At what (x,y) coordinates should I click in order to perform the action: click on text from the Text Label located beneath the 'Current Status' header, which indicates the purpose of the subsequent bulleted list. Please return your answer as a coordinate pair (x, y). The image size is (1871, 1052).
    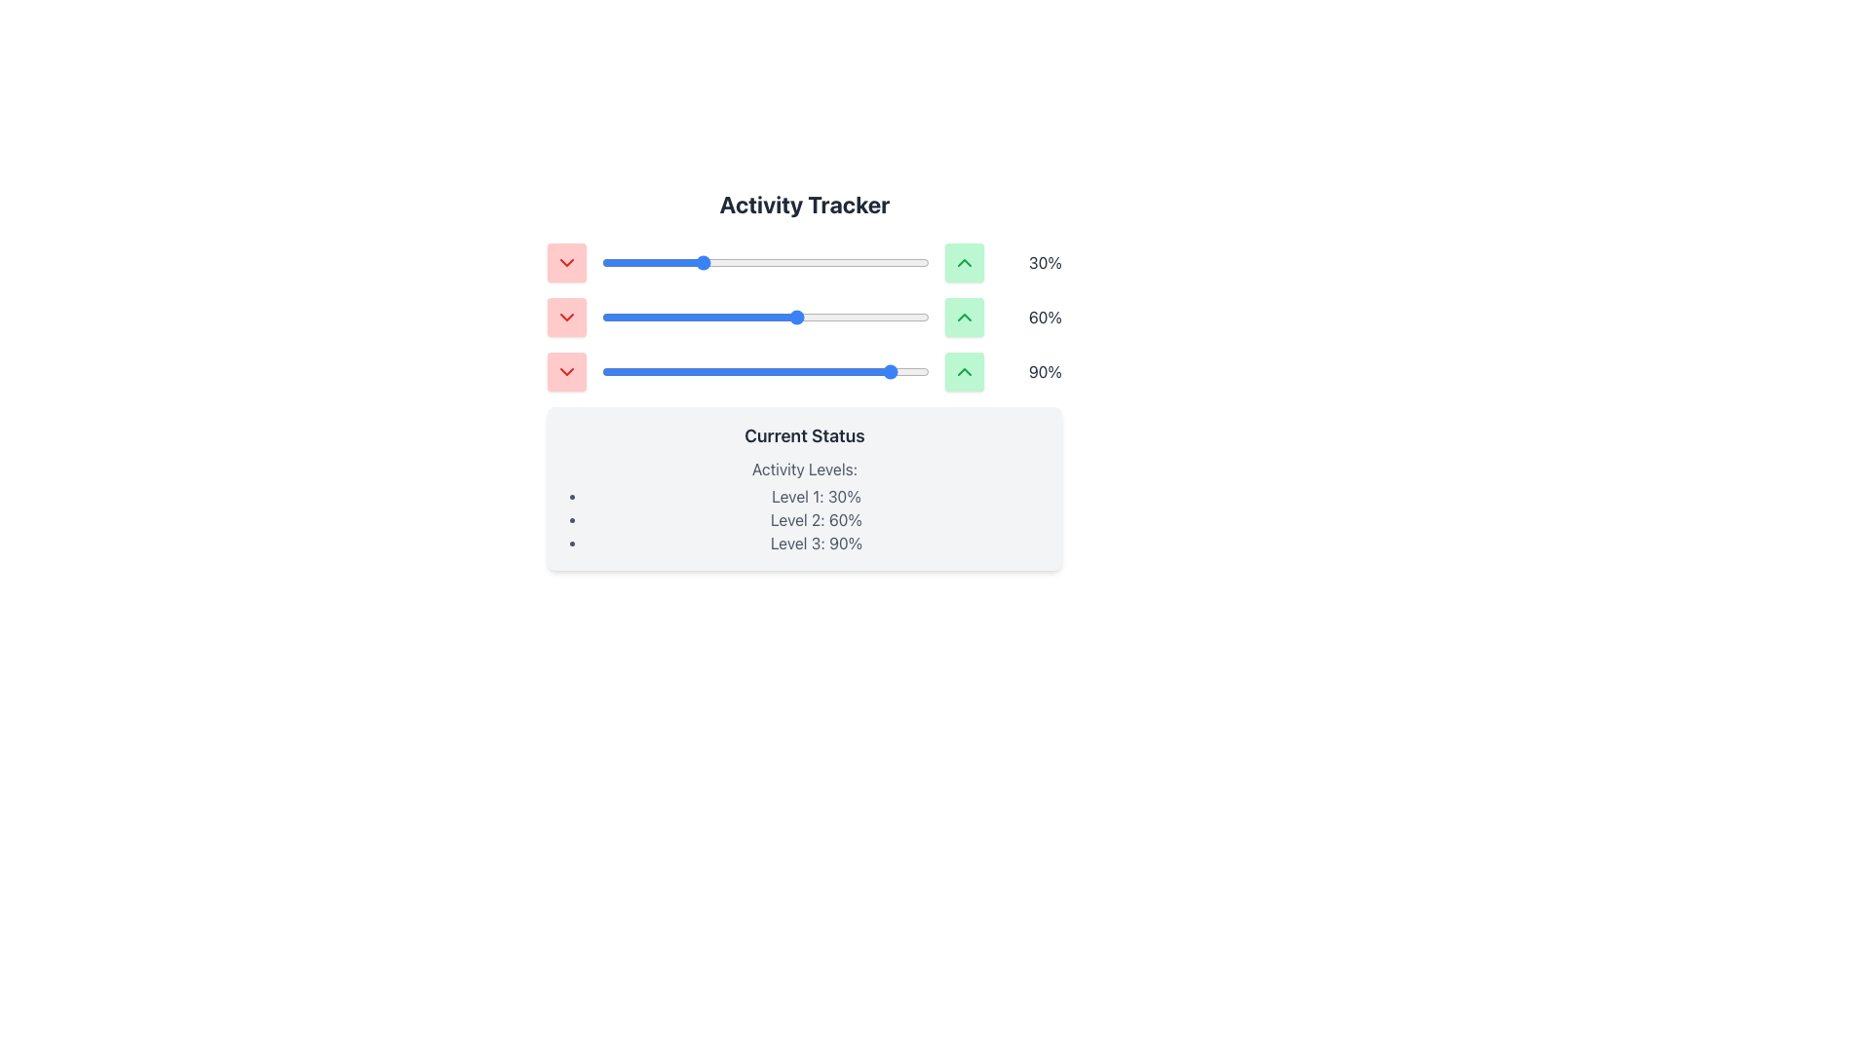
    Looking at the image, I should click on (804, 470).